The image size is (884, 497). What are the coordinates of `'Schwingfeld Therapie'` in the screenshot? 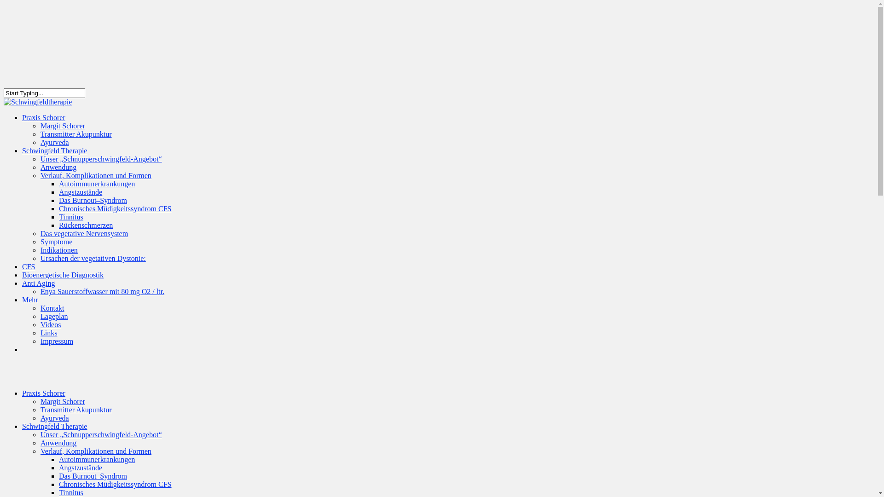 It's located at (54, 156).